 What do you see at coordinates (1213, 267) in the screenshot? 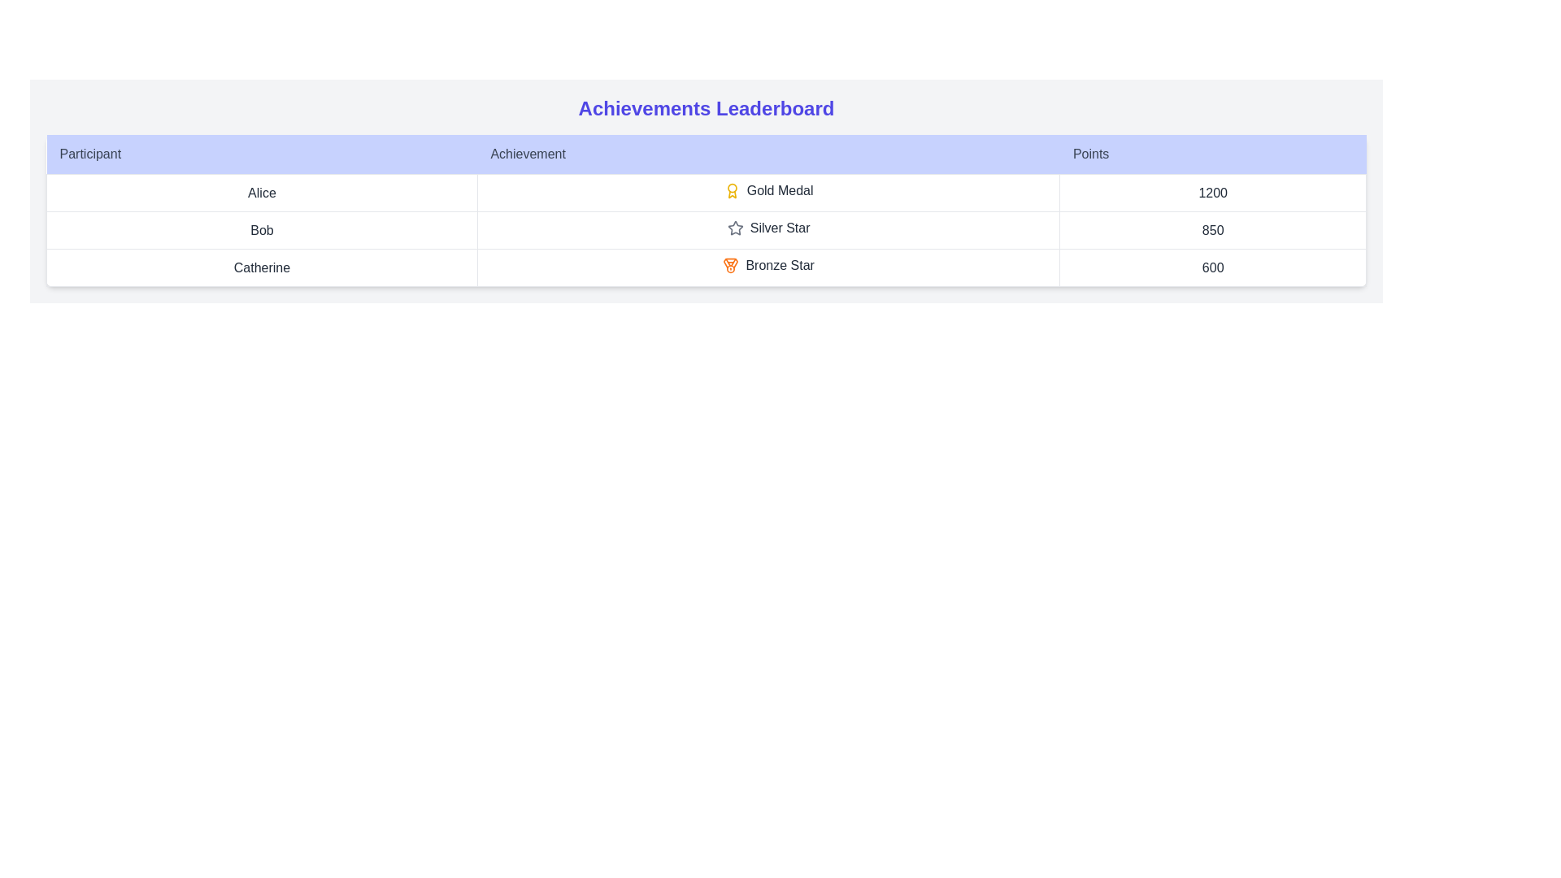
I see `the text element indicating the points earned by participant 'Catherine' in the leaderboard, located in the last row and last column of the table` at bounding box center [1213, 267].